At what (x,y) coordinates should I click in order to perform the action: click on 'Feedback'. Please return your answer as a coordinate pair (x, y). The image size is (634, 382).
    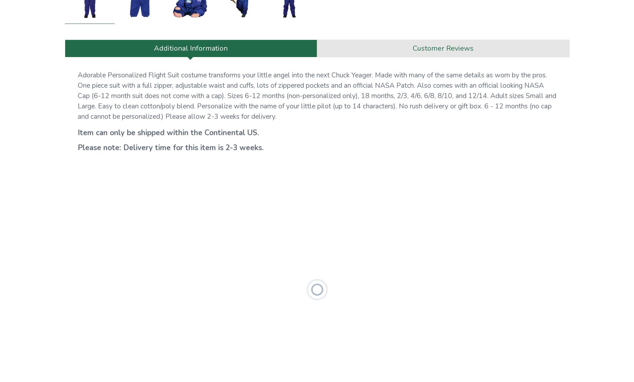
    Looking at the image, I should click on (384, 112).